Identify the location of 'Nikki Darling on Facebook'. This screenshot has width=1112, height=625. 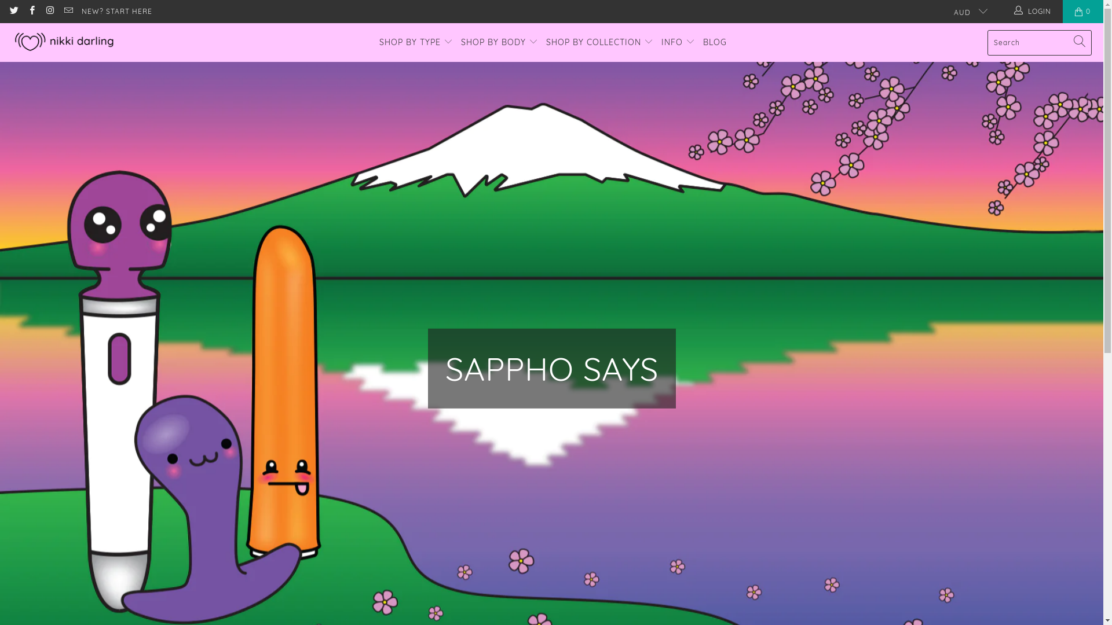
(27, 11).